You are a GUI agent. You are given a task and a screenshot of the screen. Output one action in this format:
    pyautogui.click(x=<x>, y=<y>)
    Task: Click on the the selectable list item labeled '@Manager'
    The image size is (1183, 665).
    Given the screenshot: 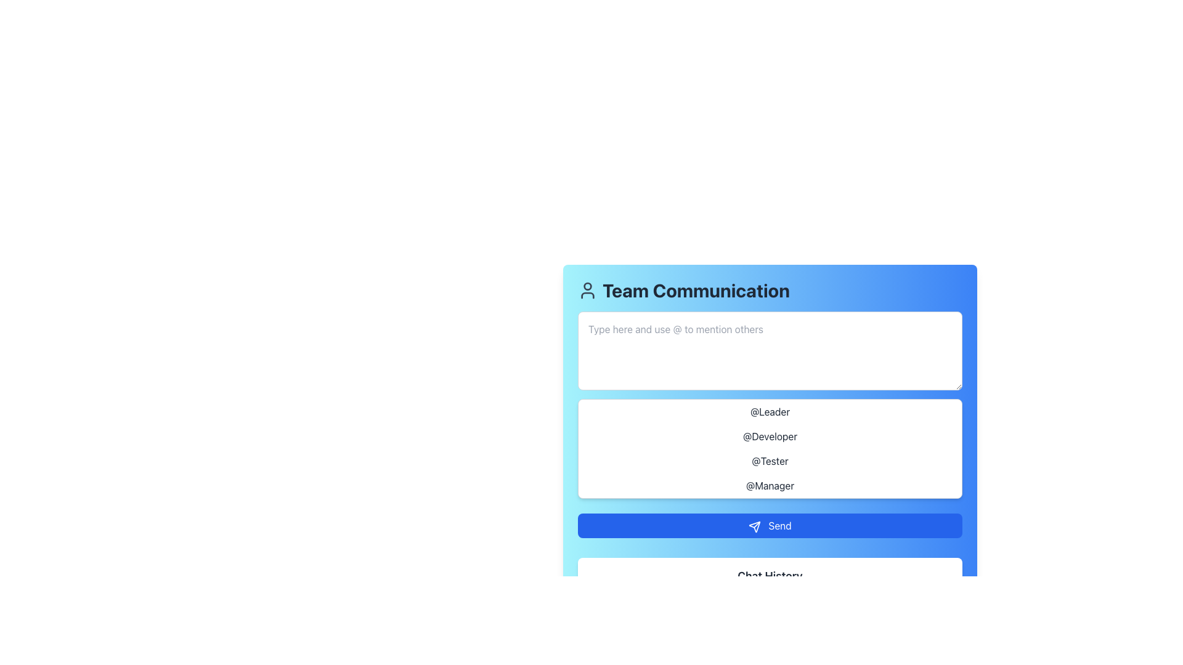 What is the action you would take?
    pyautogui.click(x=769, y=485)
    